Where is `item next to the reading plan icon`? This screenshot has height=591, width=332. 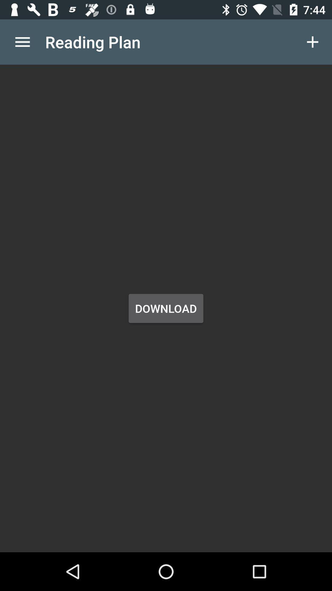
item next to the reading plan icon is located at coordinates (22, 42).